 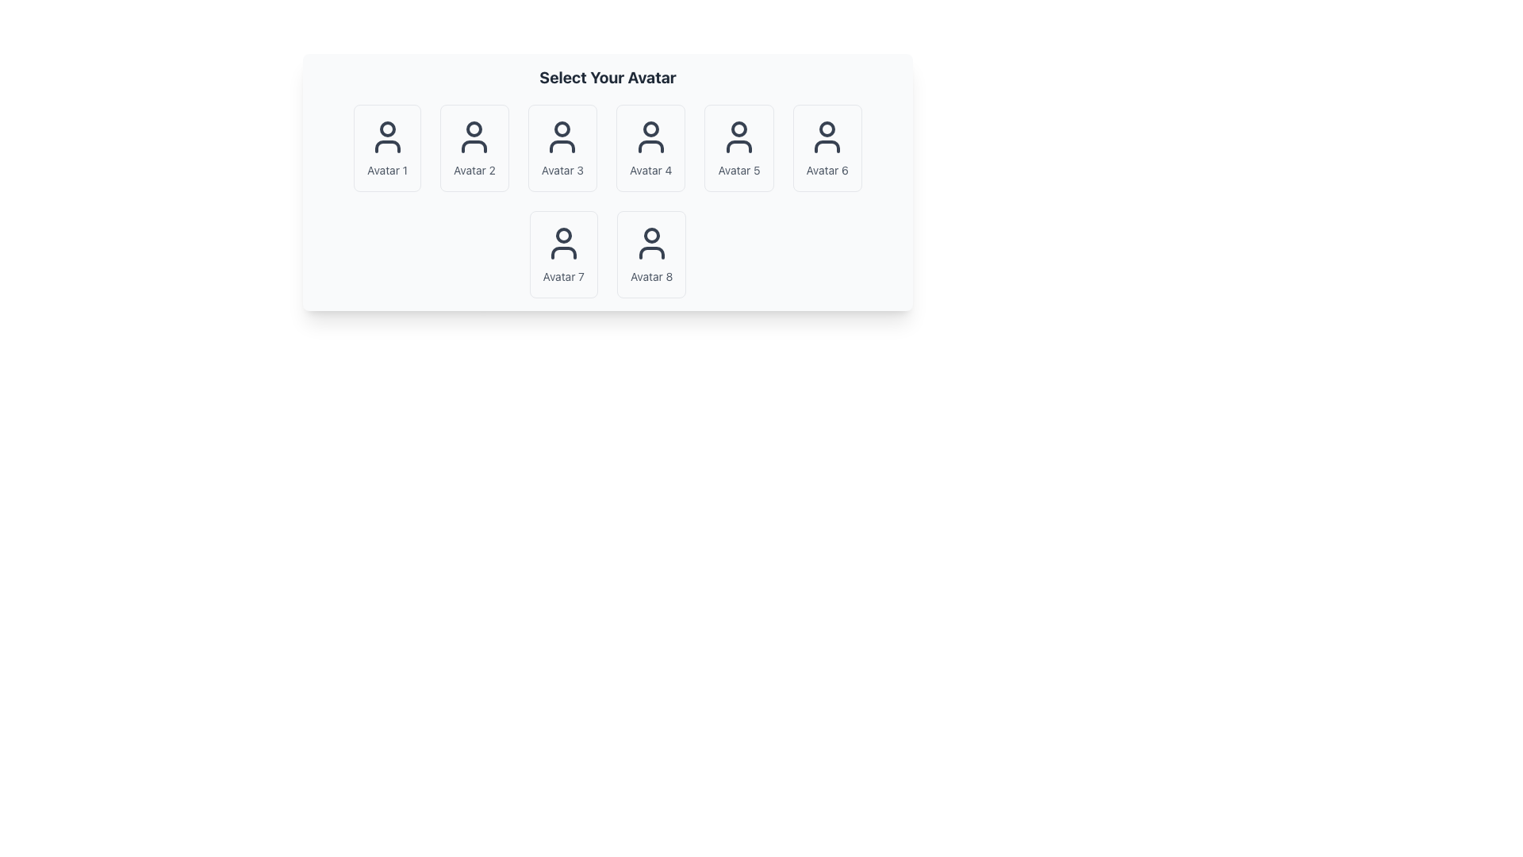 What do you see at coordinates (562, 147) in the screenshot?
I see `Vector graphic representing the user torso segment for 'Avatar 3' in the 'Select Your Avatar' section by clicking on its center point` at bounding box center [562, 147].